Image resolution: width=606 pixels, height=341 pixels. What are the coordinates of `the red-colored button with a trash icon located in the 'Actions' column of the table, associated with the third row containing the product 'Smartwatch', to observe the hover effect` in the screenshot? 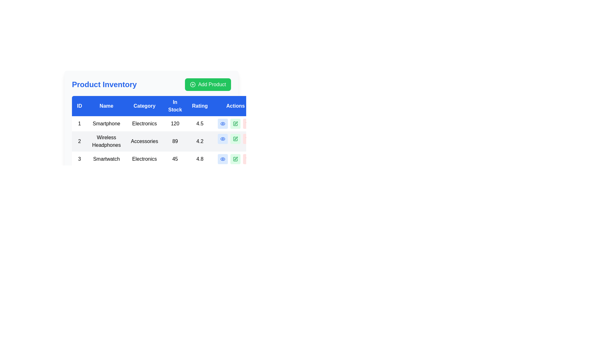 It's located at (248, 159).